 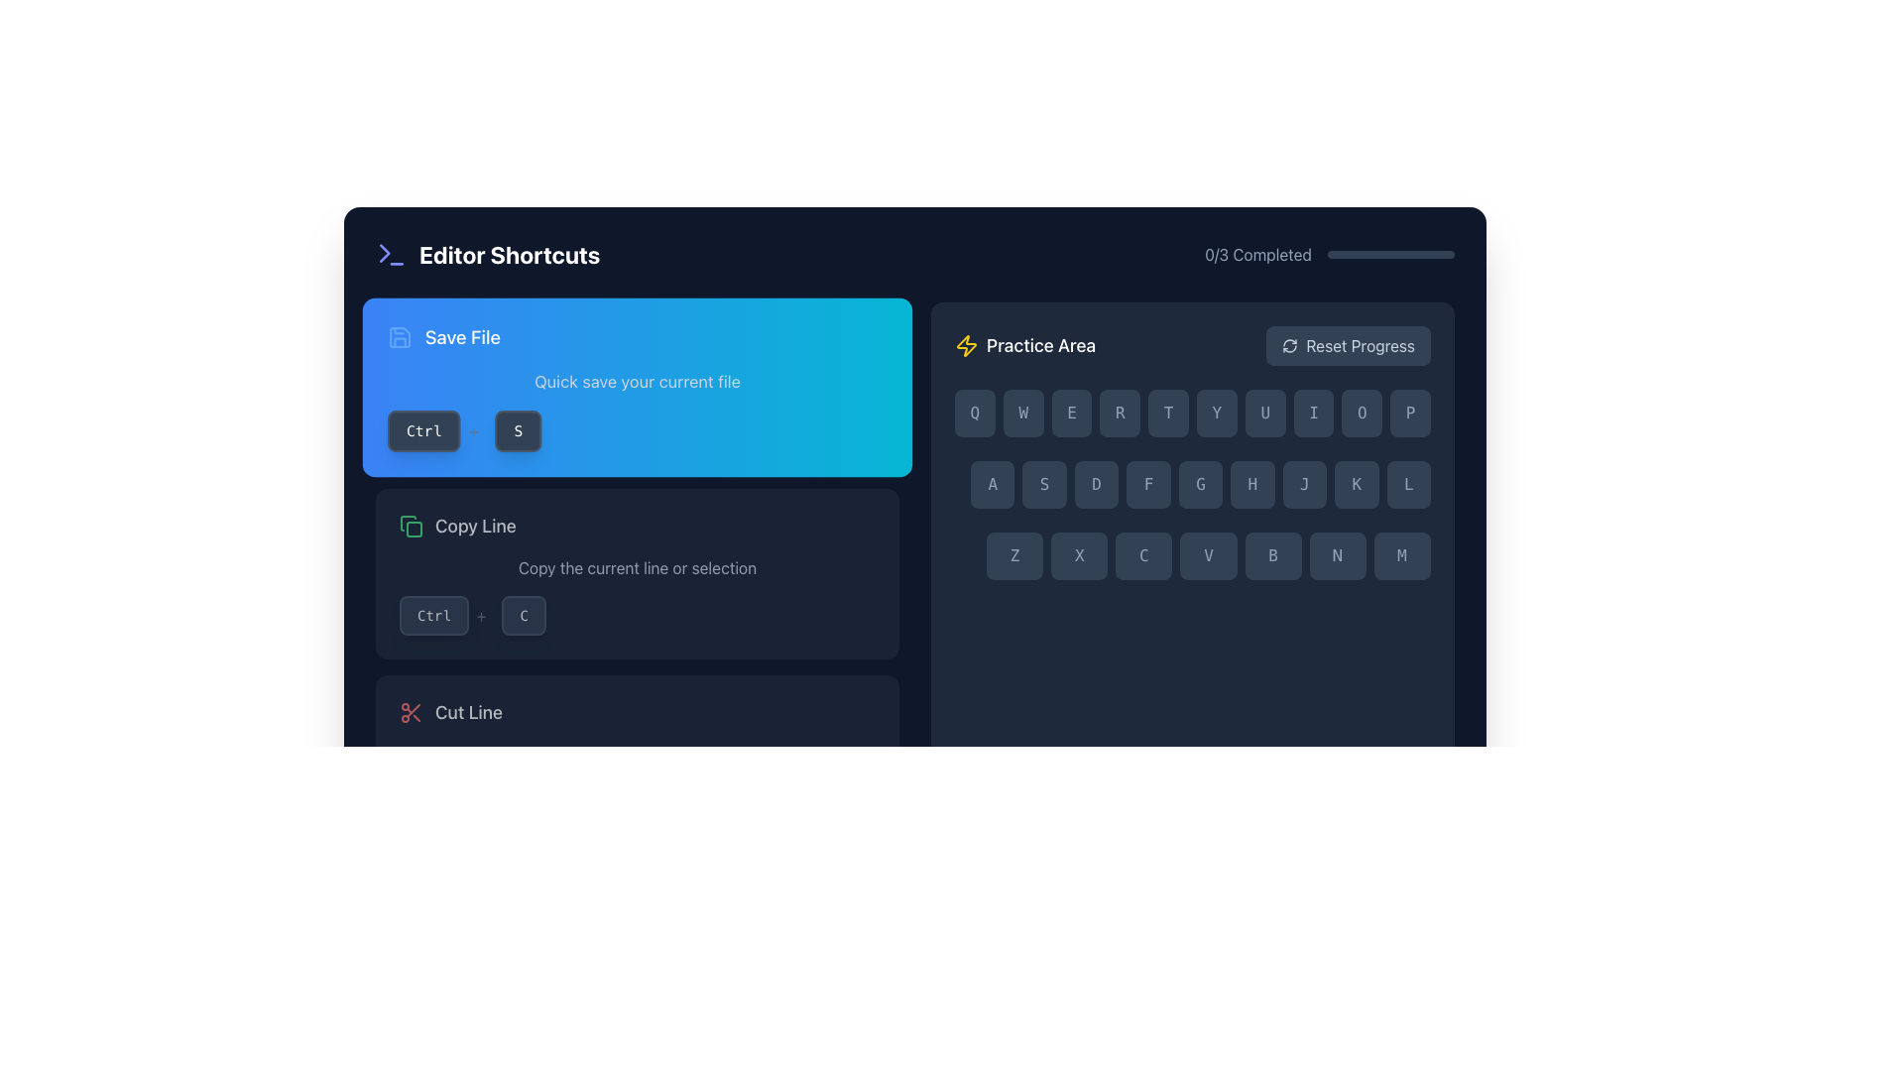 What do you see at coordinates (1043, 485) in the screenshot?
I see `the second button in the sequence of nine buttons located in the 'Practice Area' section on the right side of the interface` at bounding box center [1043, 485].